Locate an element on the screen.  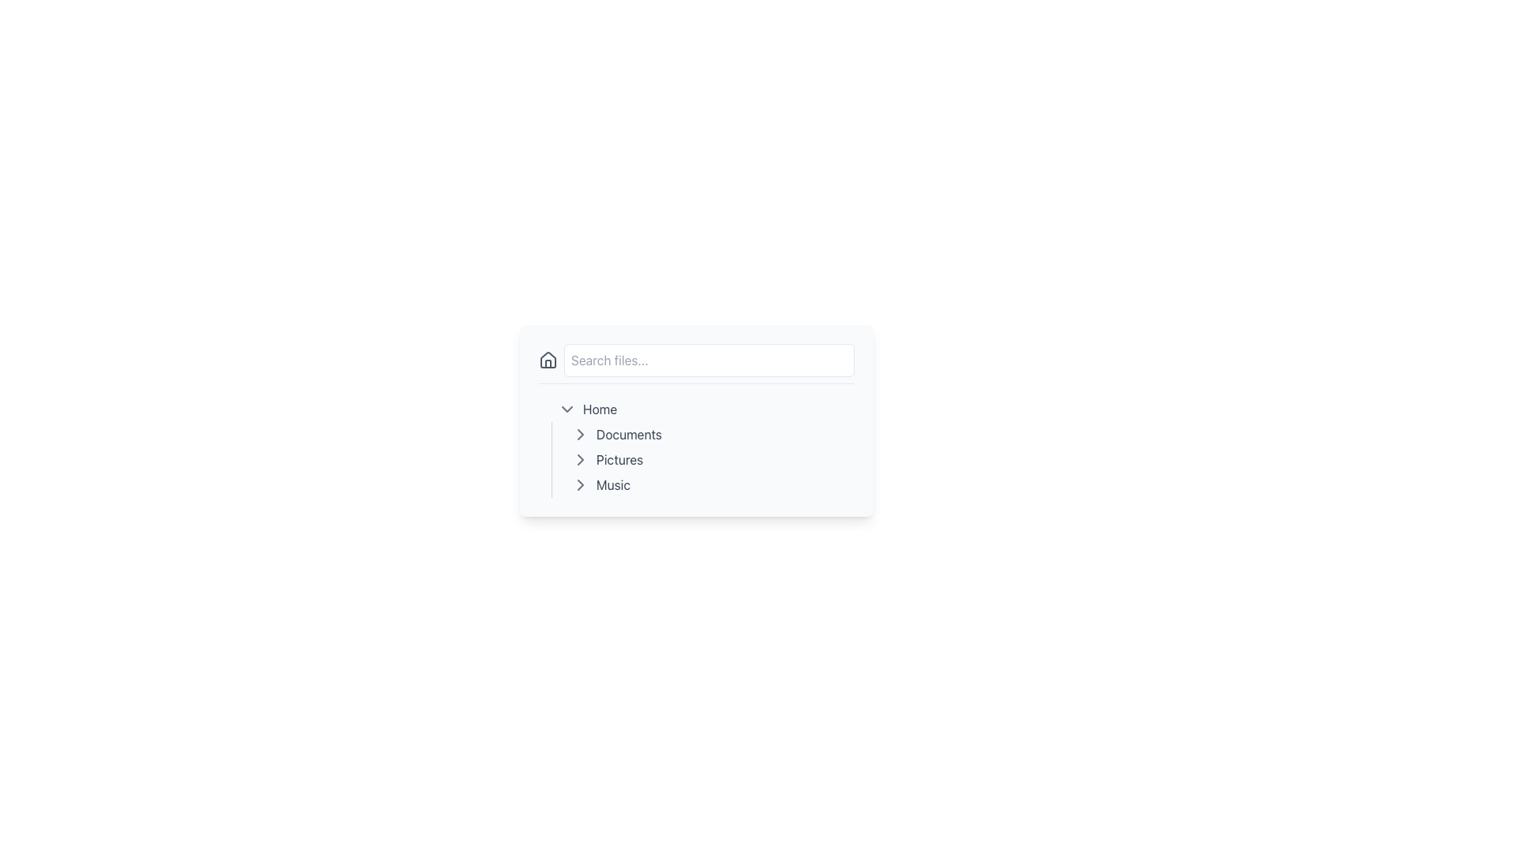
the right-facing chevron icon to change its appearance, which is positioned to the left of the 'Pictures' text in the vertical file navigation menu is located at coordinates (579, 459).